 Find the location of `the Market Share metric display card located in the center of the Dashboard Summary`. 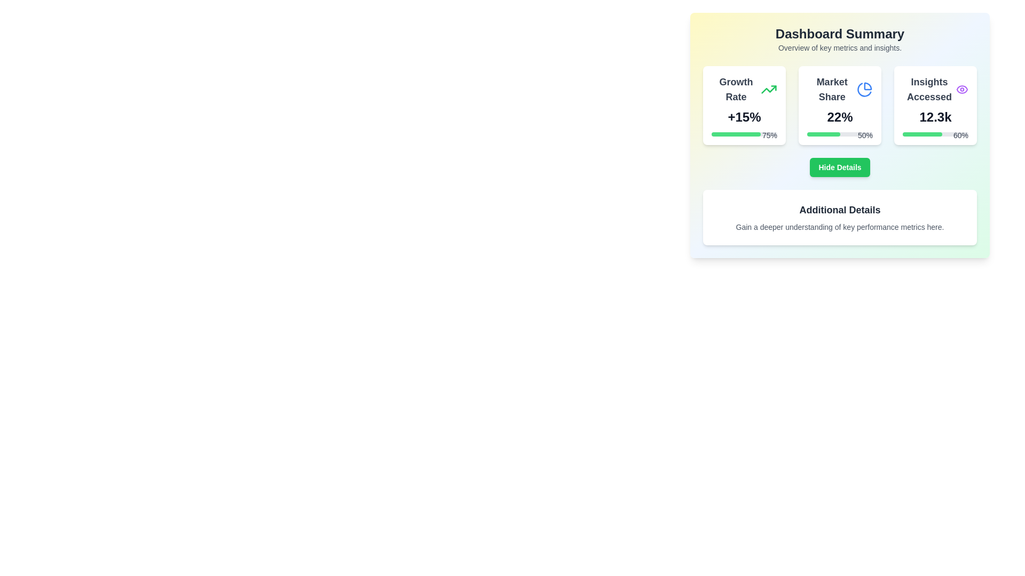

the Market Share metric display card located in the center of the Dashboard Summary is located at coordinates (839, 105).